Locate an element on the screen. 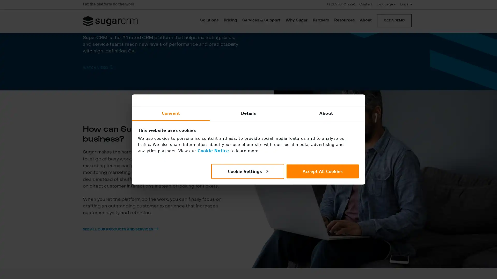 The image size is (497, 279). CLOSE SEARCH is located at coordinates (491, 25).